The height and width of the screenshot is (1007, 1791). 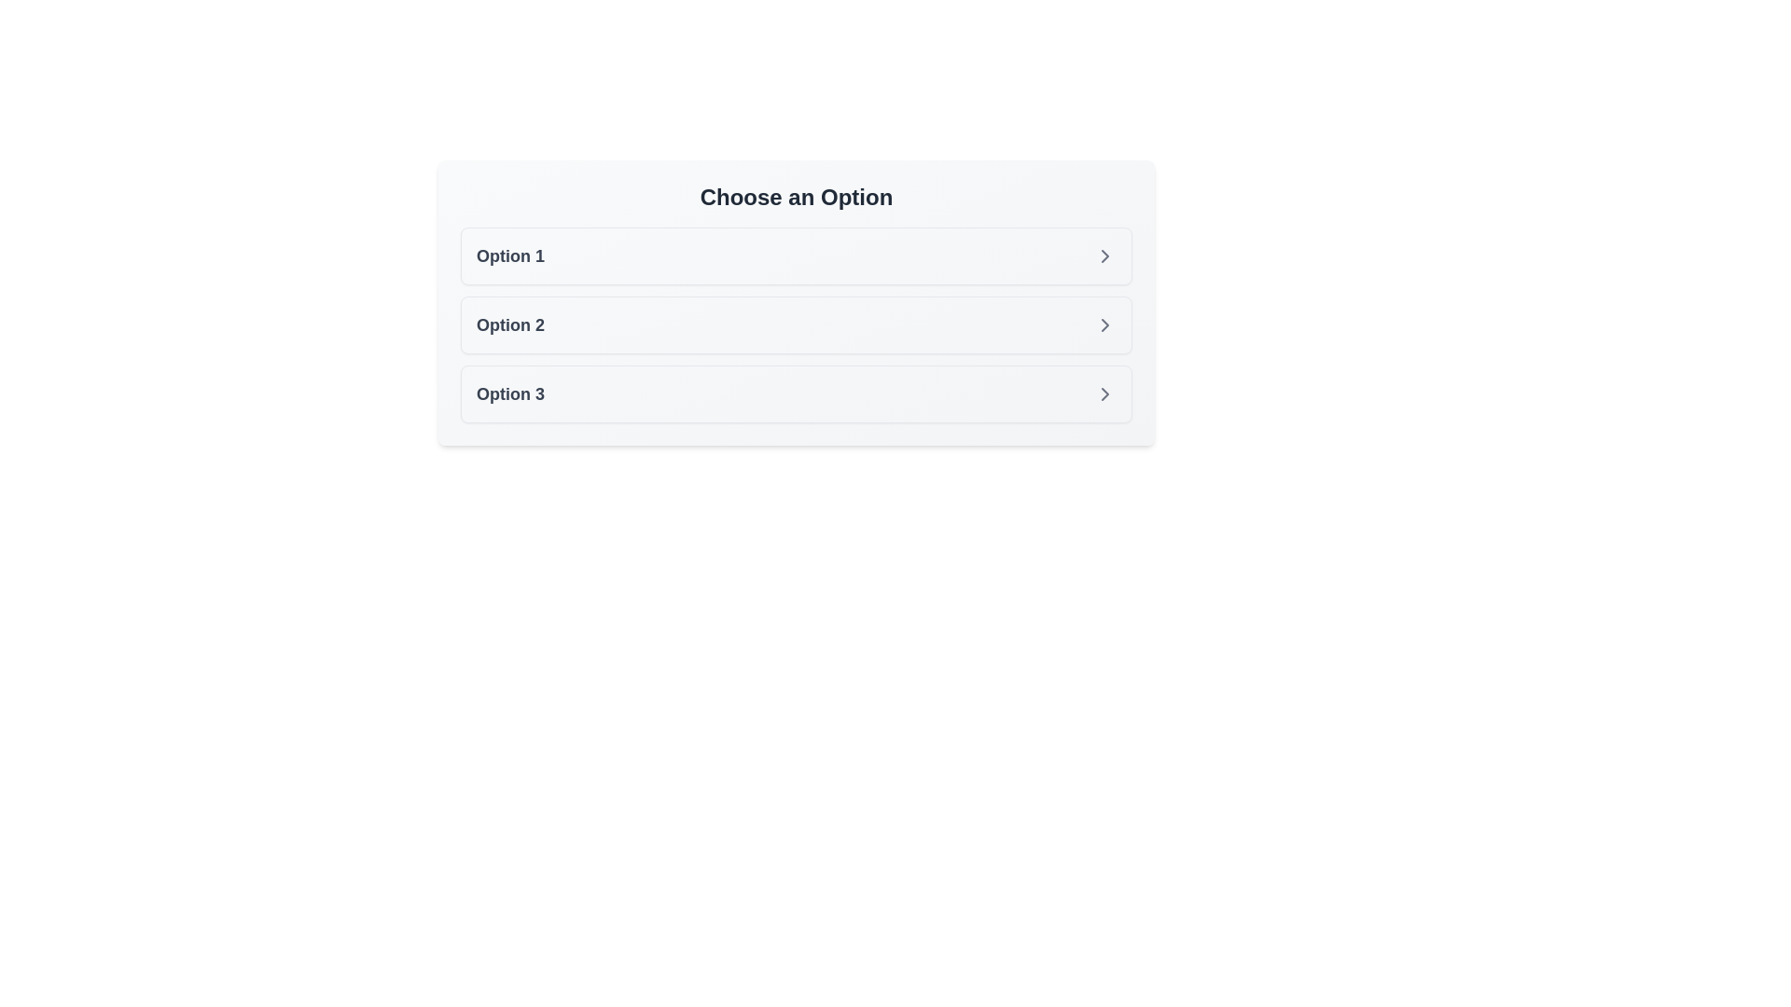 What do you see at coordinates (797, 393) in the screenshot?
I see `the third item in the vertical list of options` at bounding box center [797, 393].